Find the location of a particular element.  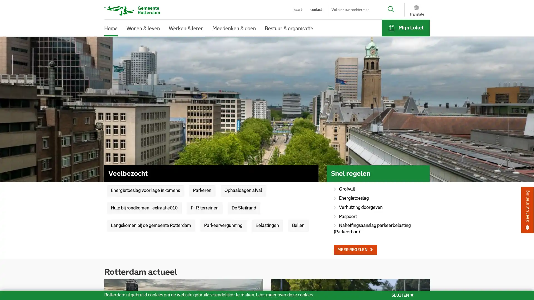

Geef uw mening is located at coordinates (527, 210).